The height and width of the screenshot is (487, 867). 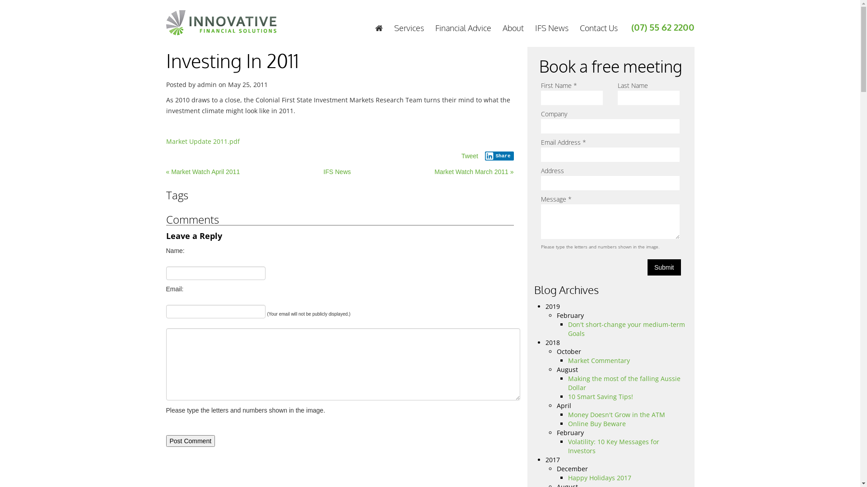 What do you see at coordinates (613, 446) in the screenshot?
I see `'Volatility: 10 Key Messages for Investors'` at bounding box center [613, 446].